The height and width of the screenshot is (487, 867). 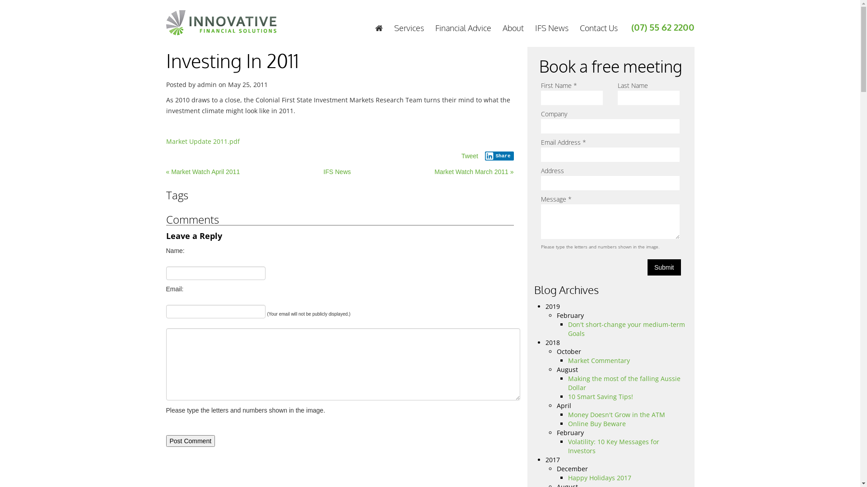 What do you see at coordinates (613, 446) in the screenshot?
I see `'Volatility: 10 Key Messages for Investors'` at bounding box center [613, 446].